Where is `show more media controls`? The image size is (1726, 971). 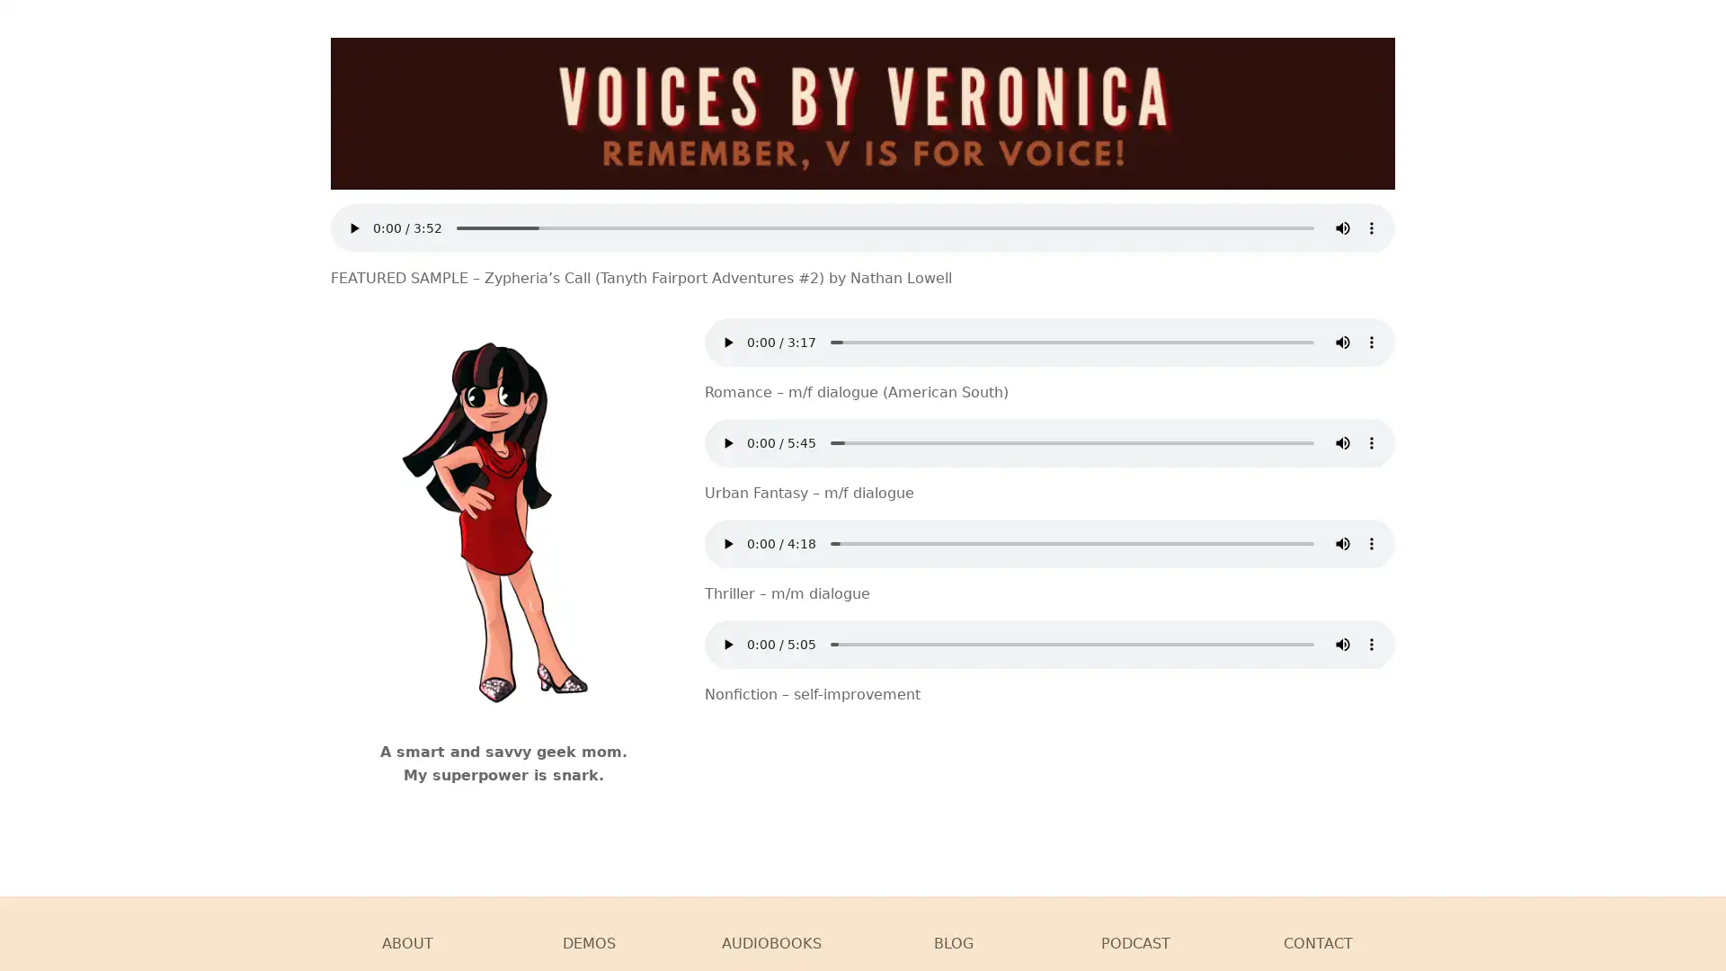
show more media controls is located at coordinates (1371, 443).